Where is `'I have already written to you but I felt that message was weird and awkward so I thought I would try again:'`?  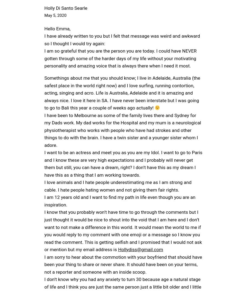
'I have already written to you but I felt that message was weird and awkward so I thought I would try again:' is located at coordinates (44, 39).